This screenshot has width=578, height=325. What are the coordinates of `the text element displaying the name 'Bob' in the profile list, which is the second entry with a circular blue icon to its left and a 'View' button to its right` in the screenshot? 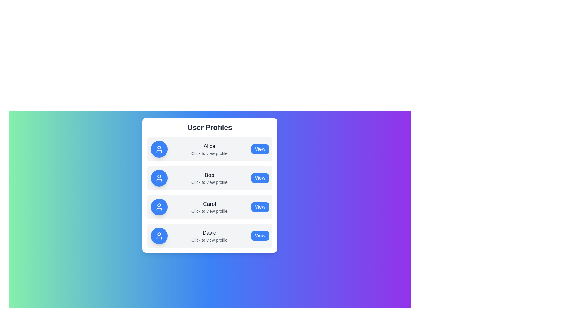 It's located at (209, 178).